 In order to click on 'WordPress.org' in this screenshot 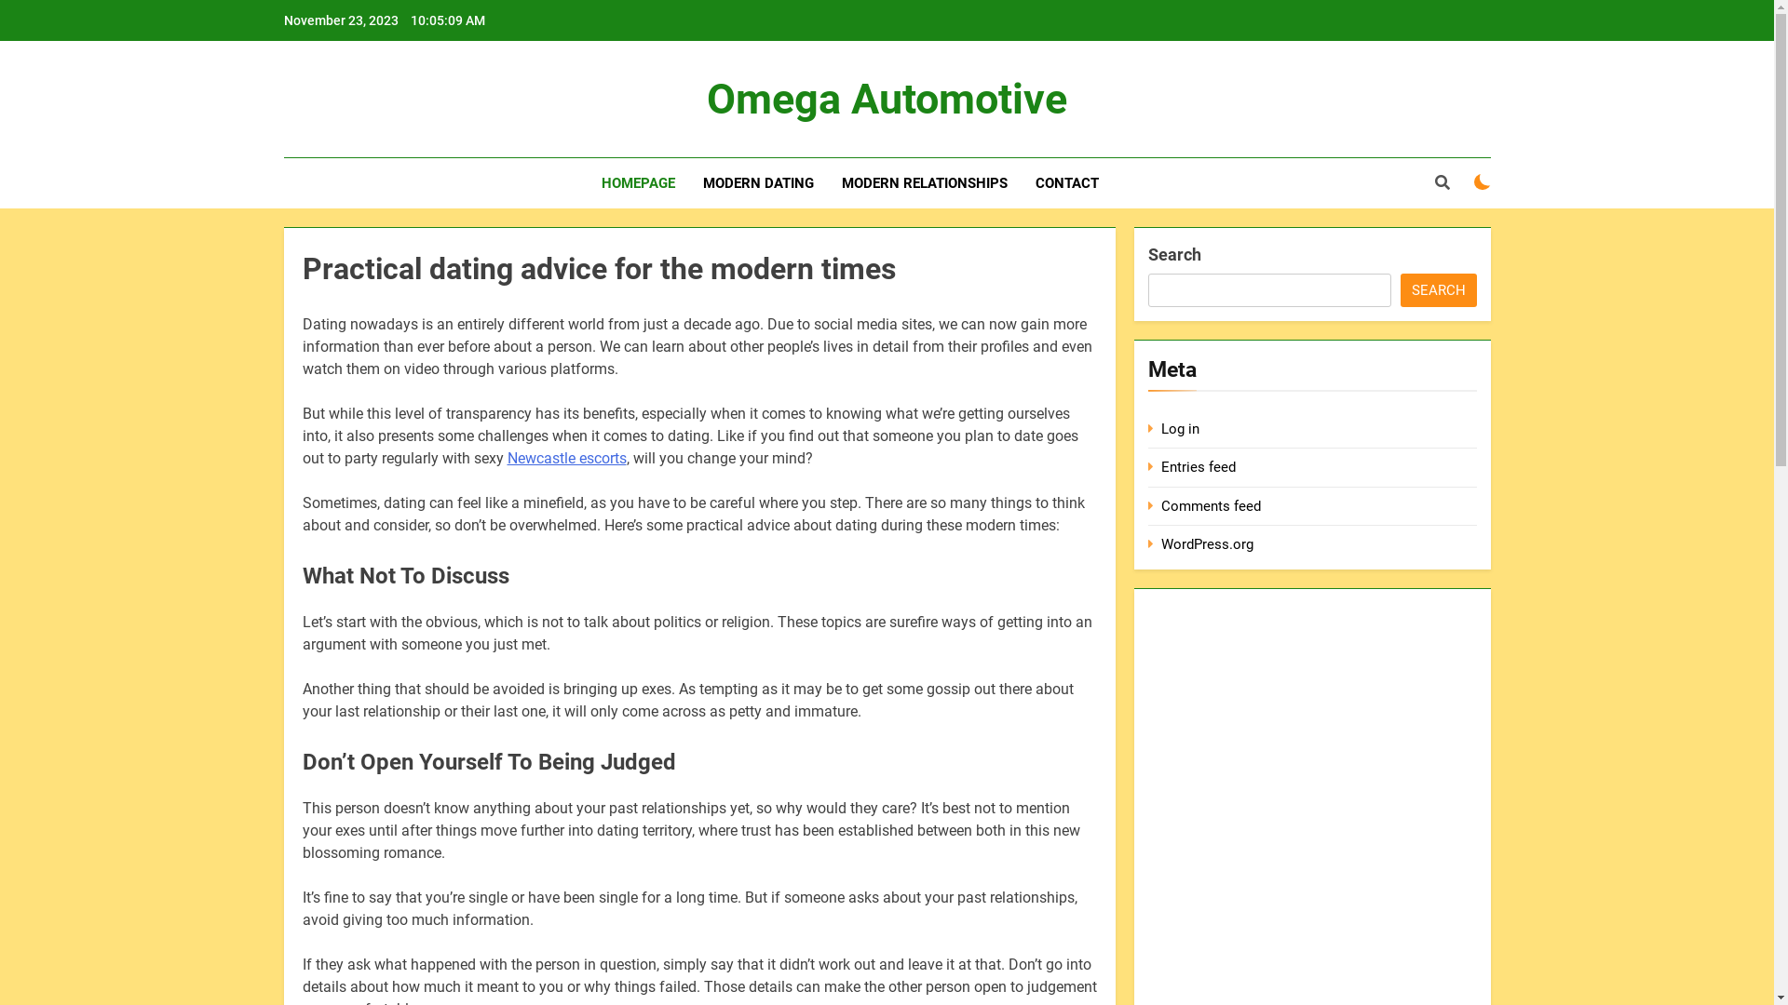, I will do `click(1207, 544)`.